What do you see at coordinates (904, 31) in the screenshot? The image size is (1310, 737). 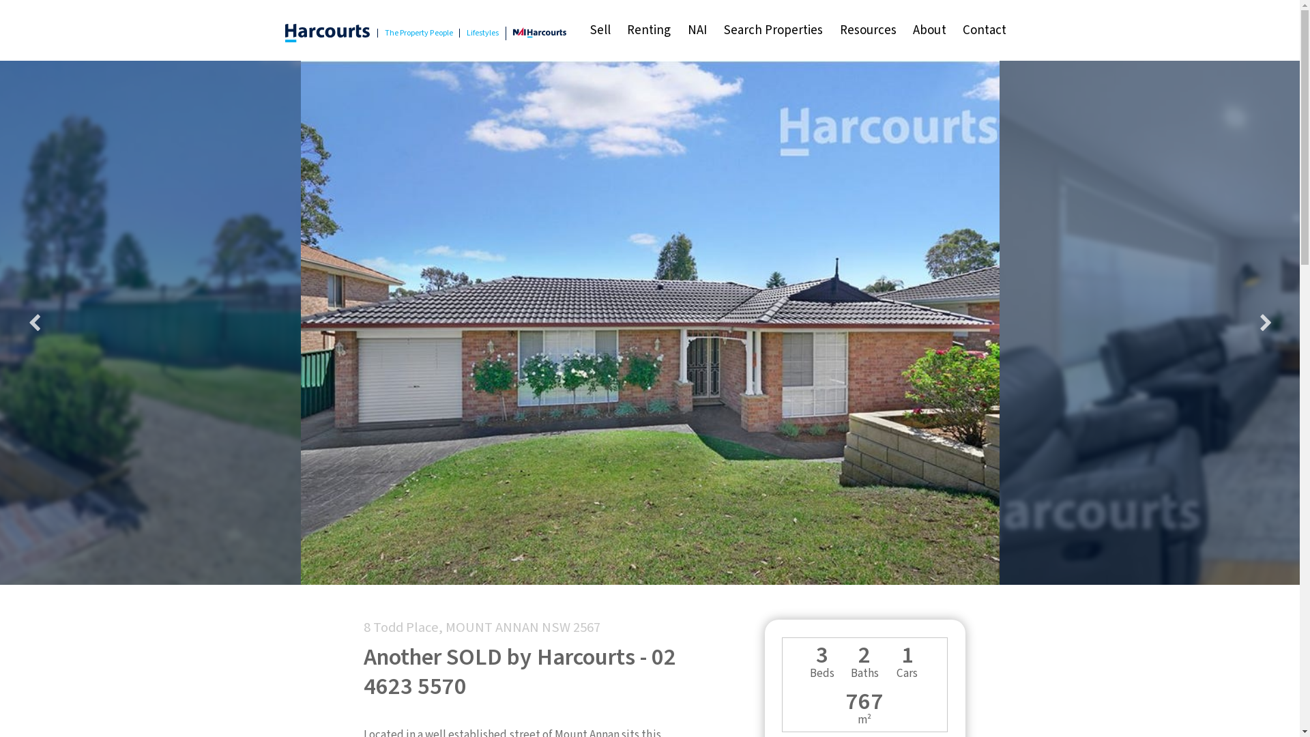 I see `'About'` at bounding box center [904, 31].